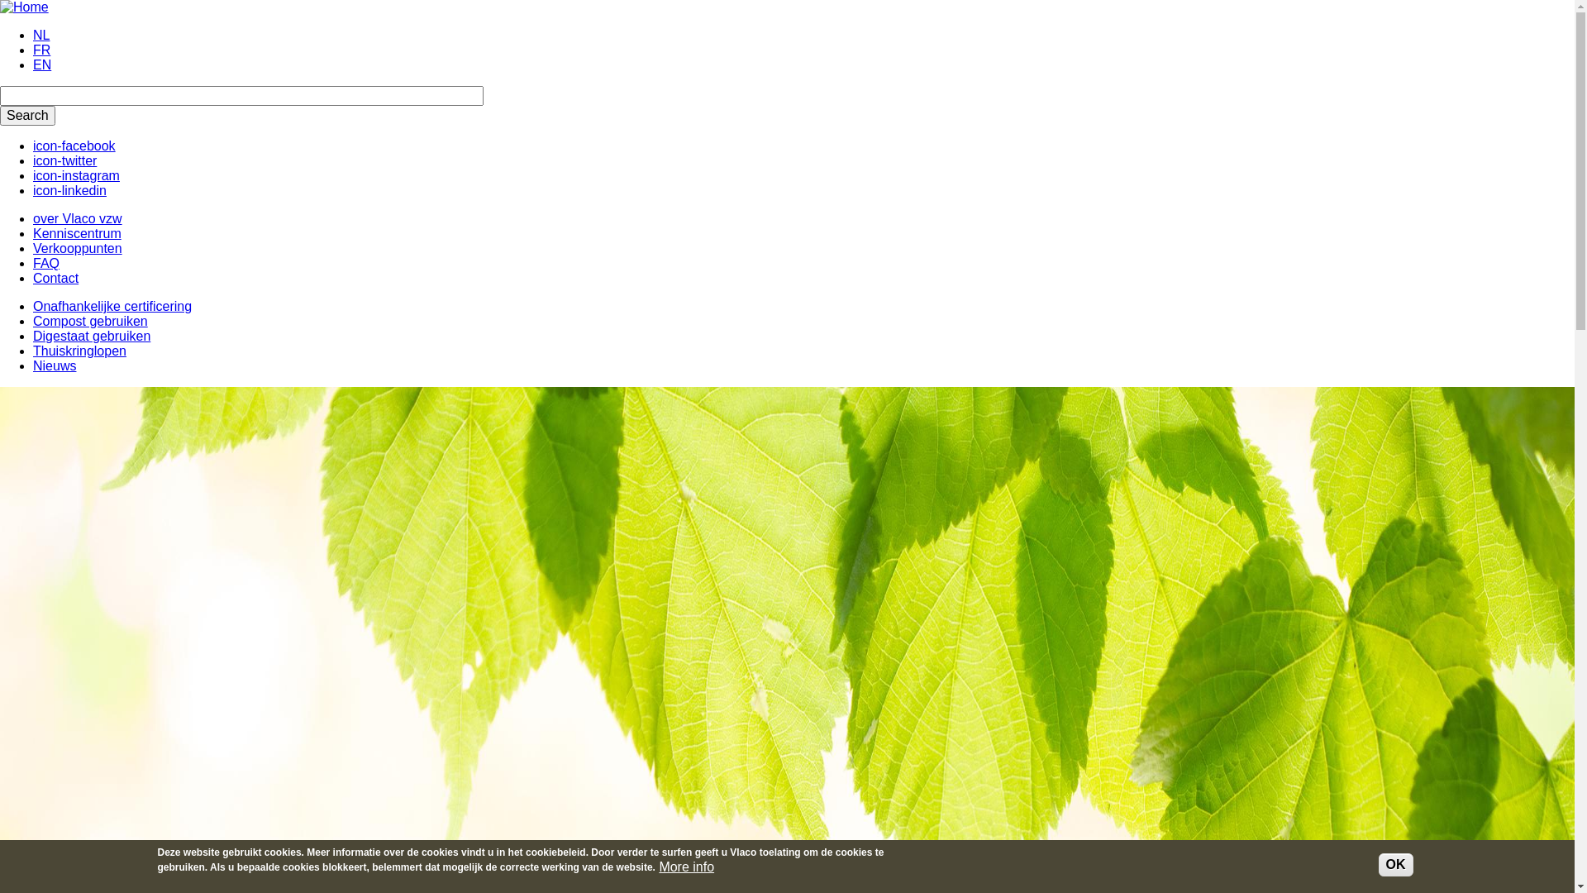 This screenshot has height=893, width=1587. Describe the element at coordinates (32, 145) in the screenshot. I see `'icon-facebook'` at that location.